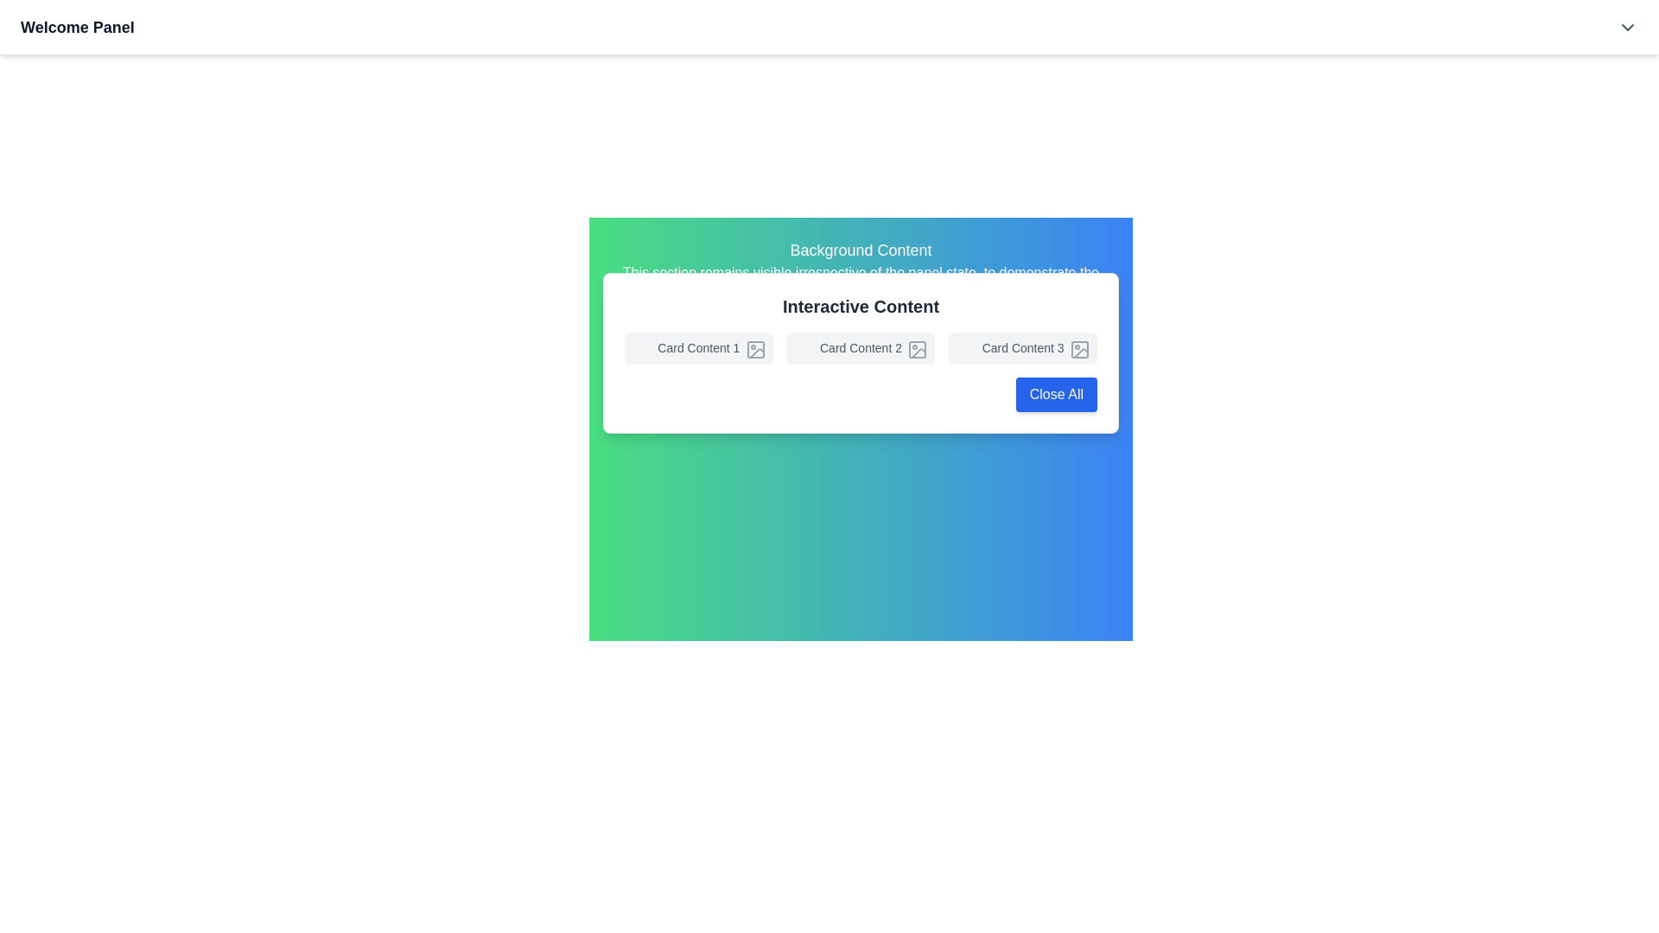 The width and height of the screenshot is (1659, 933). I want to click on the interactive downwards-pointing chevron icon located in the top-right corner of the navigation bar, so click(1626, 27).